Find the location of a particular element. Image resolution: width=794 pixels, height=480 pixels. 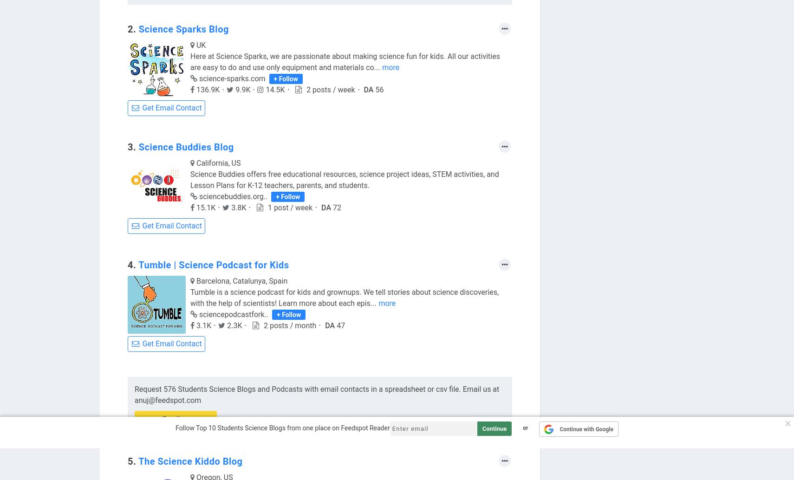

'2 posts / week' is located at coordinates (331, 90).